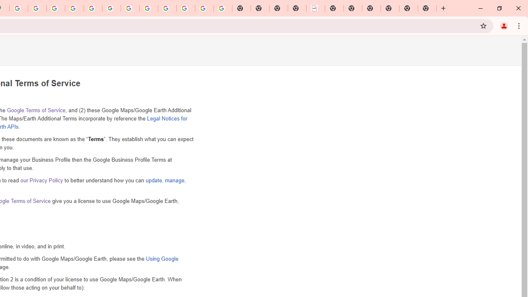  What do you see at coordinates (315, 8) in the screenshot?
I see `'LAAD Defence & Security 2025 | BAE Systems'` at bounding box center [315, 8].